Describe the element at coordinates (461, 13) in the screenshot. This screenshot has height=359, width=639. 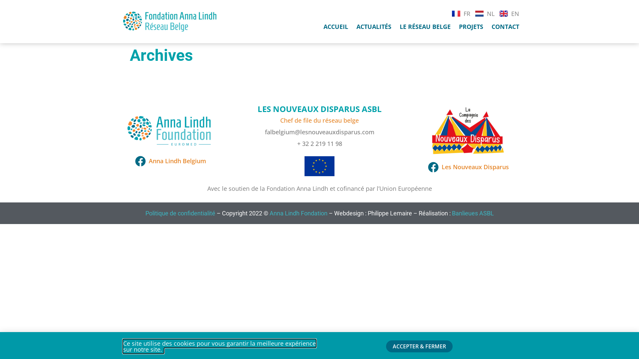
I see `'FR'` at that location.